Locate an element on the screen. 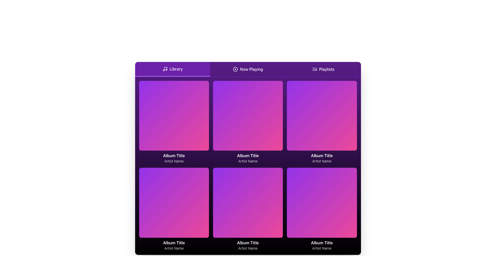  the static text element labeled 'Album Title', which is located in the bottom right cell of a 3x2 grid layout is located at coordinates (321, 242).